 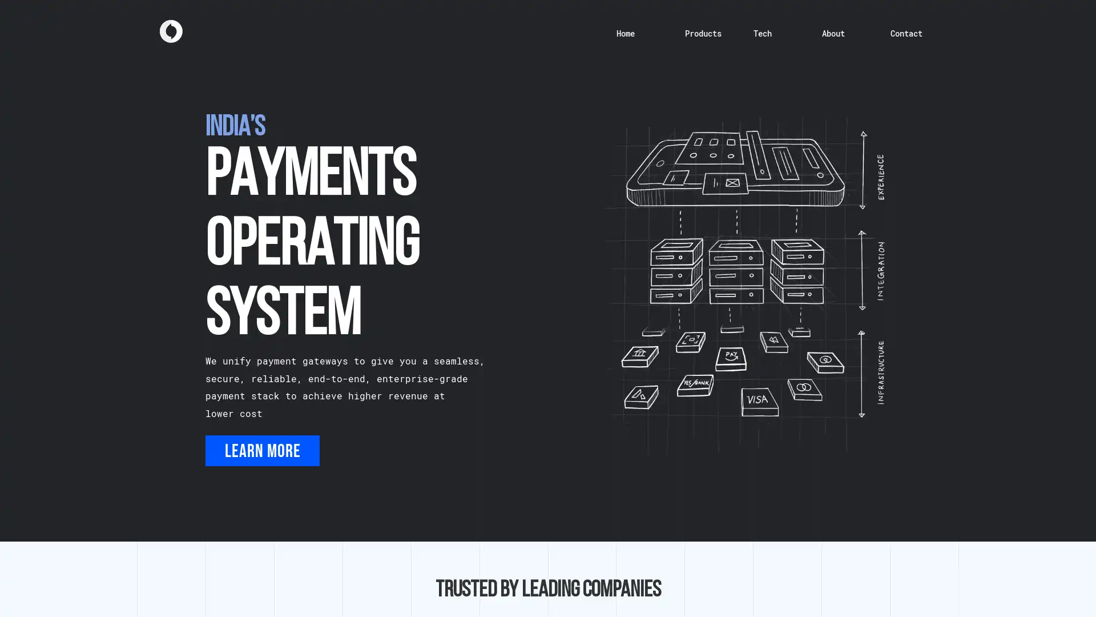 I want to click on LEARN MORE, so click(x=262, y=450).